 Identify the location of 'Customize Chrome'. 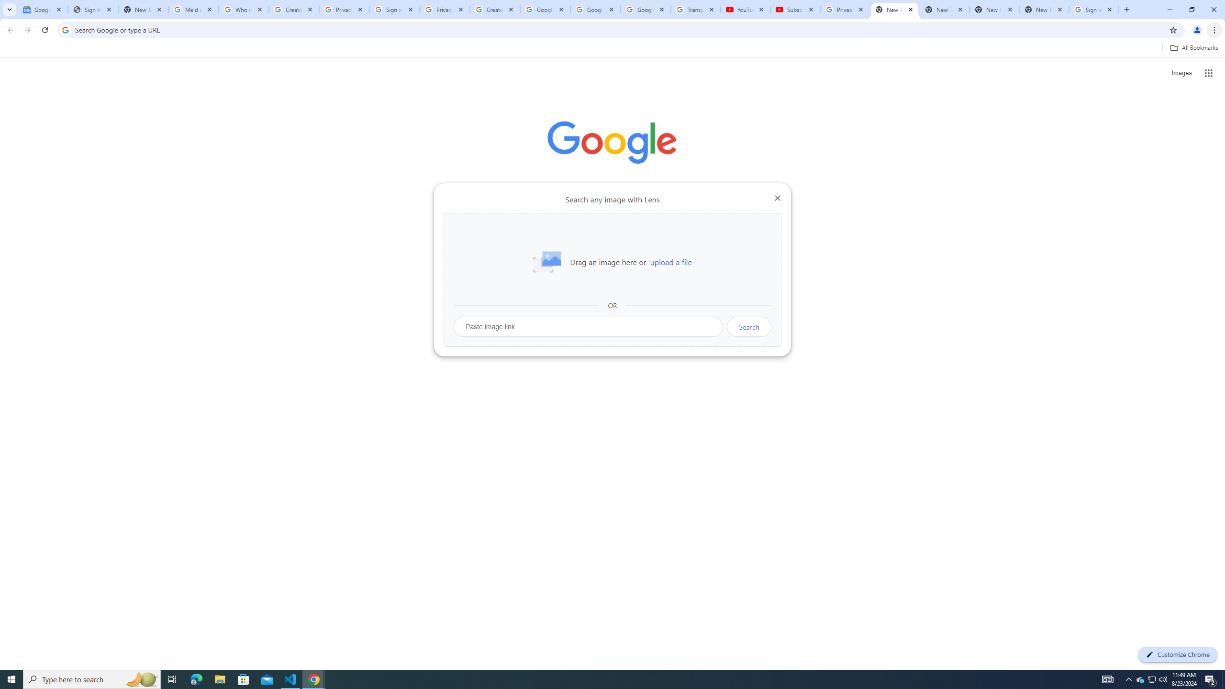
(1178, 654).